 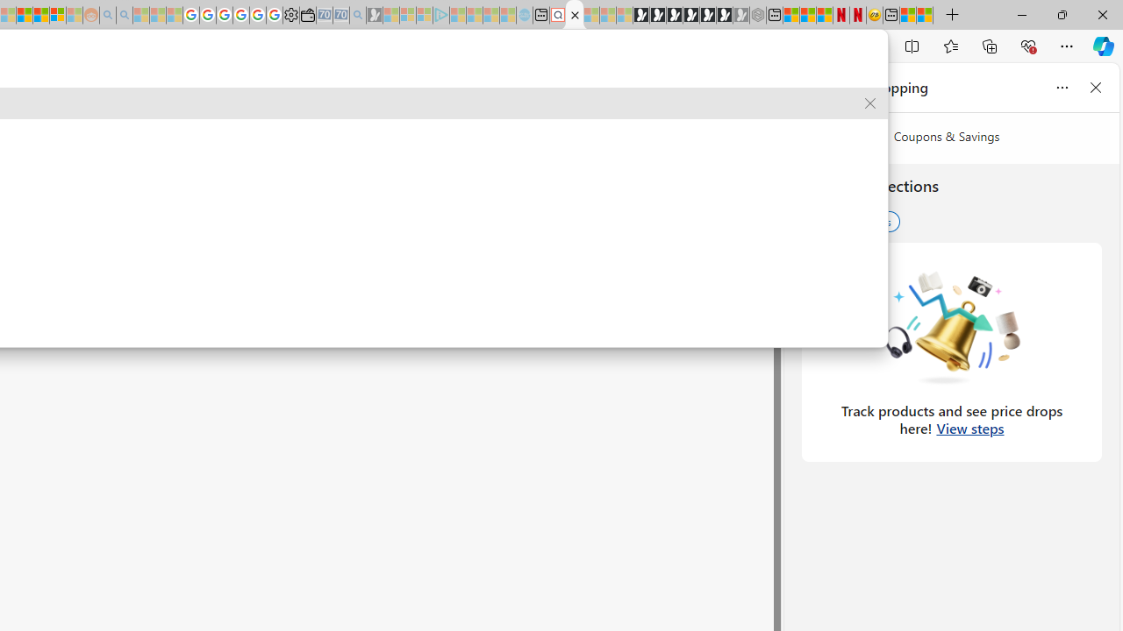 What do you see at coordinates (870, 103) in the screenshot?
I see `'Remove suggestion'` at bounding box center [870, 103].